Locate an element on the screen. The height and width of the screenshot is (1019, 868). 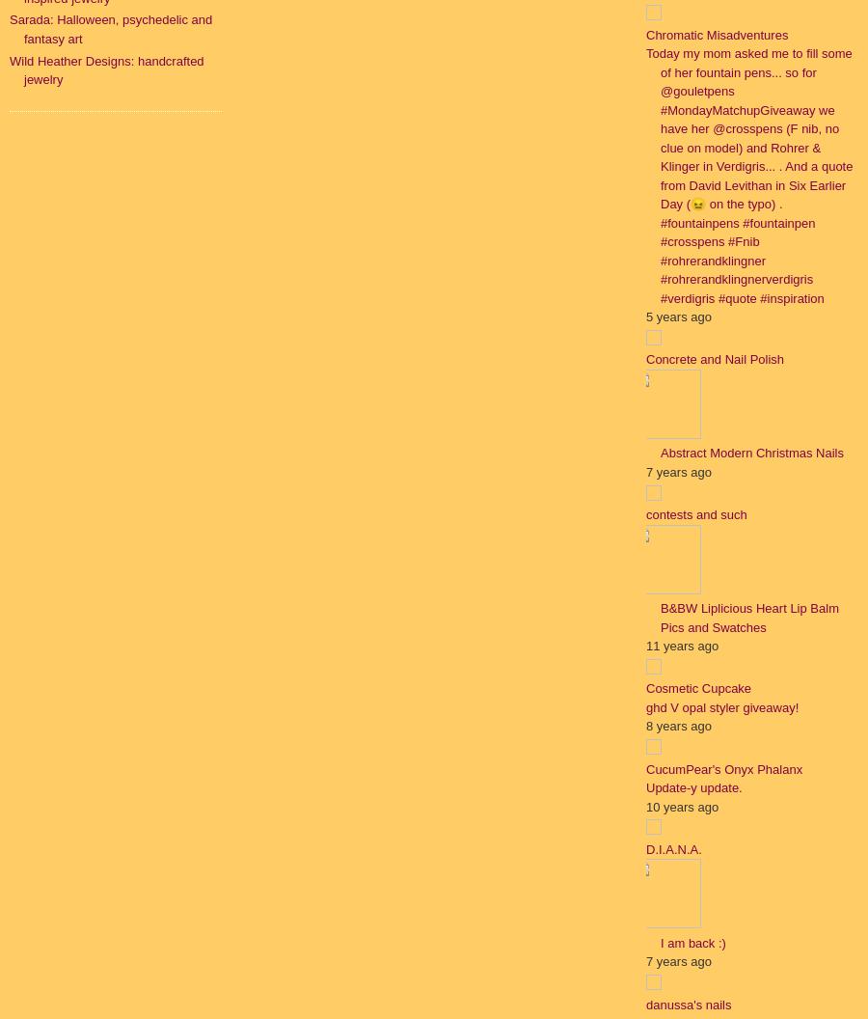
'Concrete and Nail Polish' is located at coordinates (645, 358).